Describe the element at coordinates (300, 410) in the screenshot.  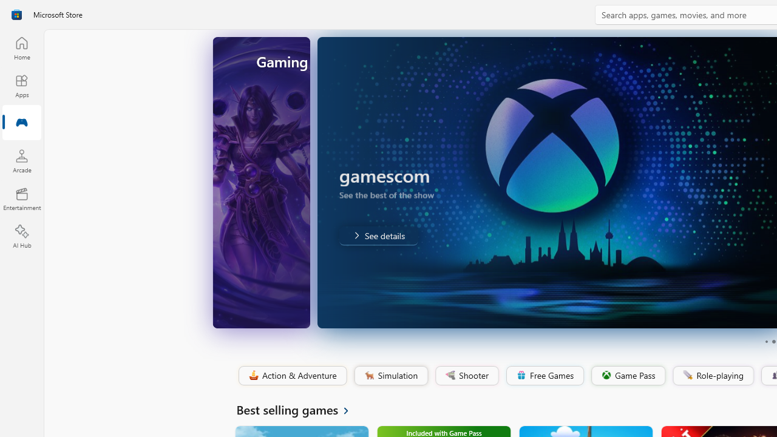
I see `'See all  Best selling games'` at that location.